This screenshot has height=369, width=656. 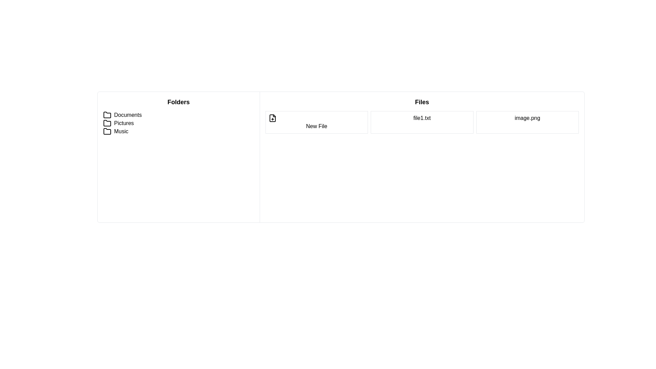 What do you see at coordinates (107, 132) in the screenshot?
I see `the folder icon representing the 'Music' directory located to the left of the 'Music' label` at bounding box center [107, 132].